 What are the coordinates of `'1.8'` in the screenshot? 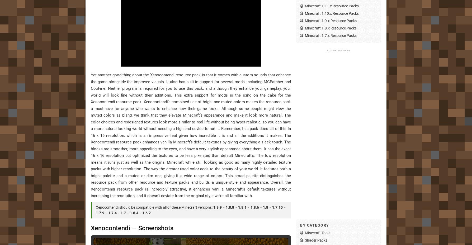 It's located at (262, 207).